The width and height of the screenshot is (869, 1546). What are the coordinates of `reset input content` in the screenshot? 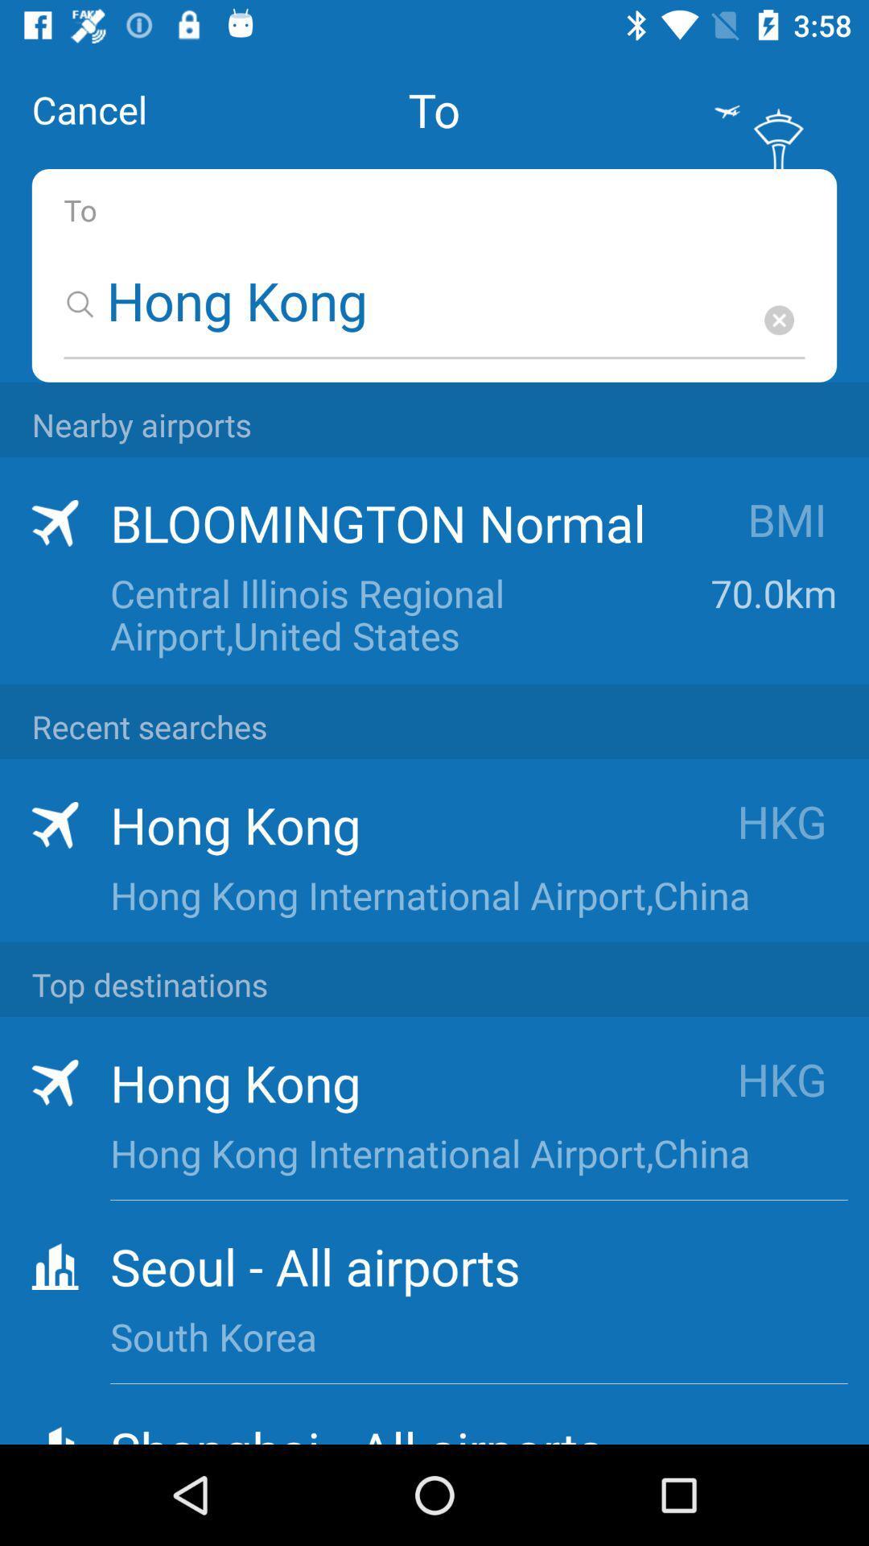 It's located at (778, 320).